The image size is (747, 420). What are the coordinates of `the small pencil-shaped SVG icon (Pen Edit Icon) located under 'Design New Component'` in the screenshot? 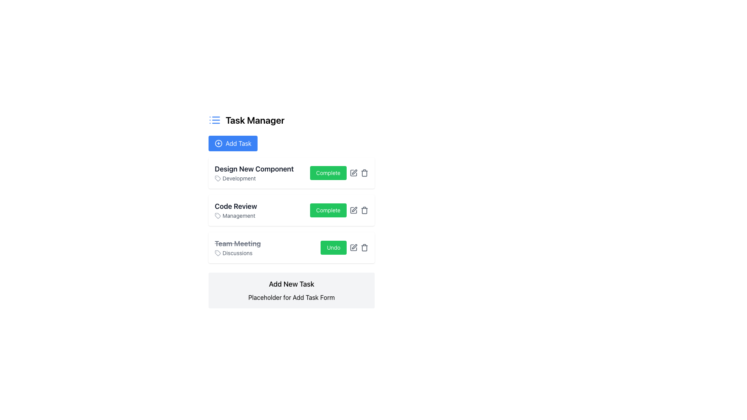 It's located at (354, 171).